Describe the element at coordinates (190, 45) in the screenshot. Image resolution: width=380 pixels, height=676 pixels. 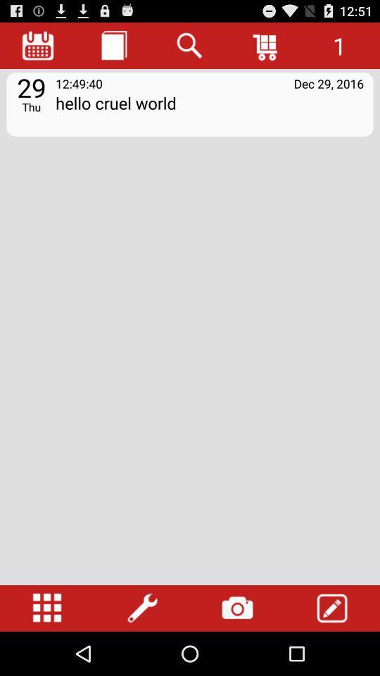
I see `to search for something` at that location.